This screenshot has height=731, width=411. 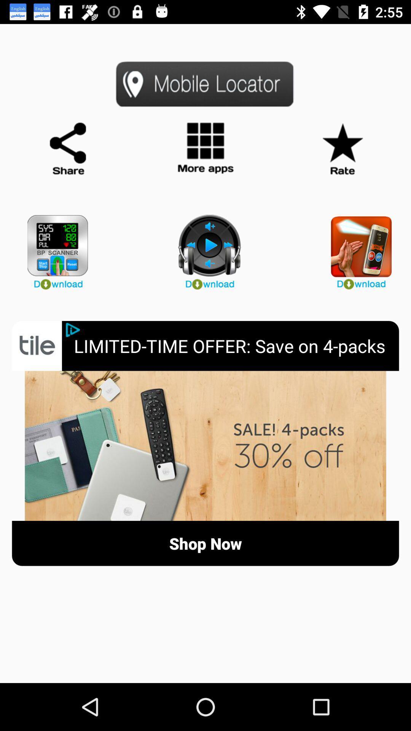 I want to click on offer, so click(x=205, y=446).